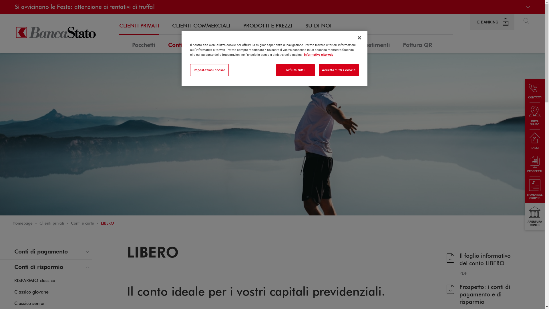  I want to click on 'Conti di pagamento', so click(46, 251).